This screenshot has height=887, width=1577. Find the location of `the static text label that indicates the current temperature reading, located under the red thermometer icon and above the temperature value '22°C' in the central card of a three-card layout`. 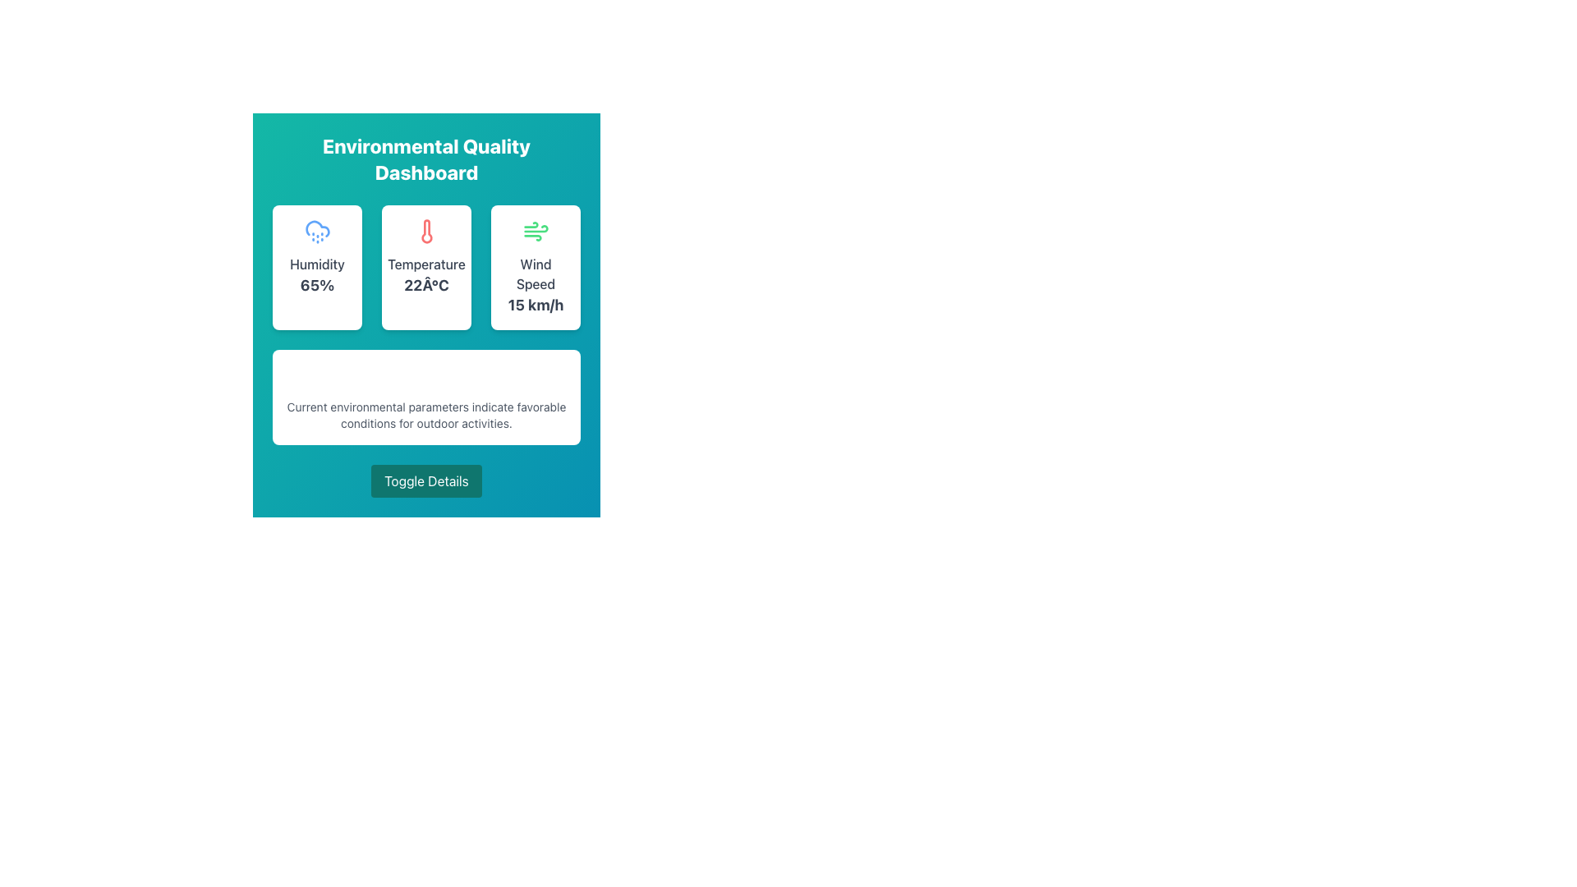

the static text label that indicates the current temperature reading, located under the red thermometer icon and above the temperature value '22°C' in the central card of a three-card layout is located at coordinates (426, 263).